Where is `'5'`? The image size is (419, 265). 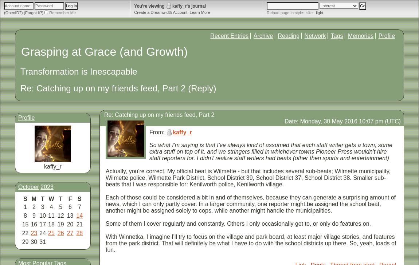 '5' is located at coordinates (60, 207).